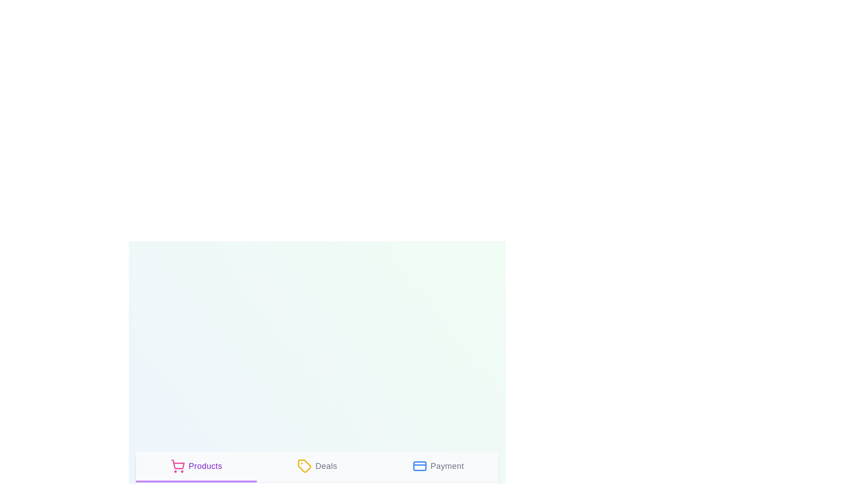 The image size is (865, 486). I want to click on the tab labeled Deals, so click(317, 466).